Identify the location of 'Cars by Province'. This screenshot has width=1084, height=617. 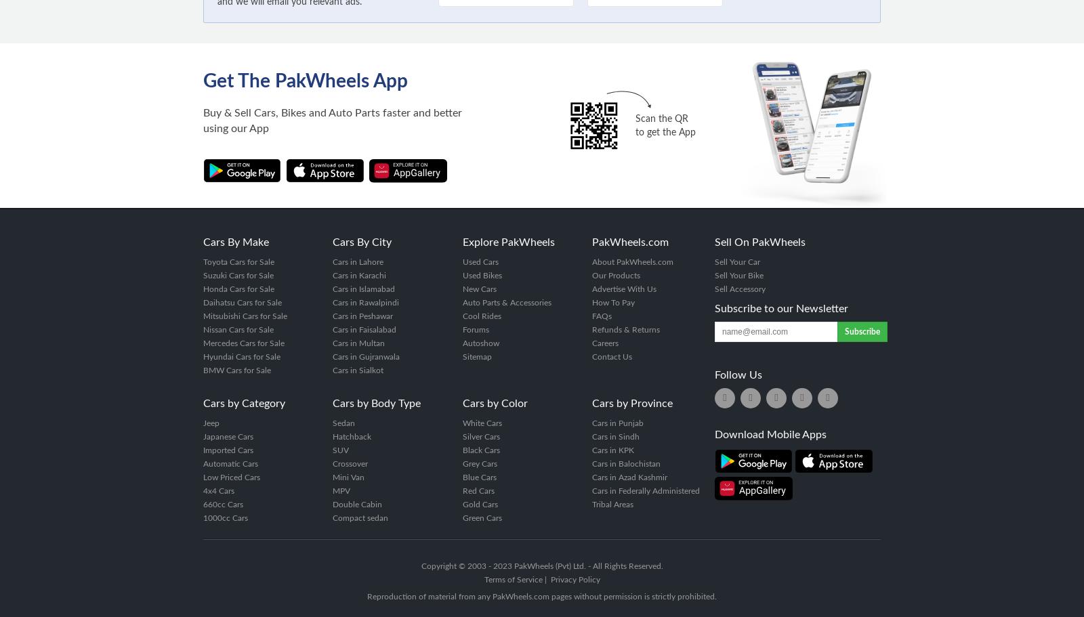
(631, 402).